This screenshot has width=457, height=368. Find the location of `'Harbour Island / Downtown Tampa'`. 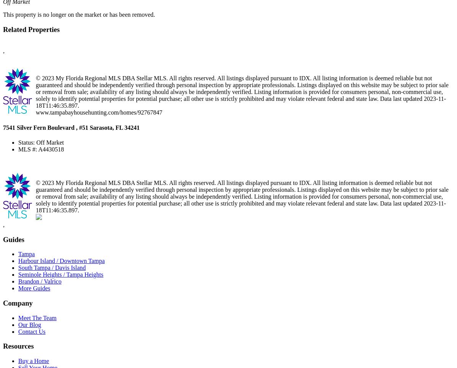

'Harbour Island / Downtown Tampa' is located at coordinates (61, 261).